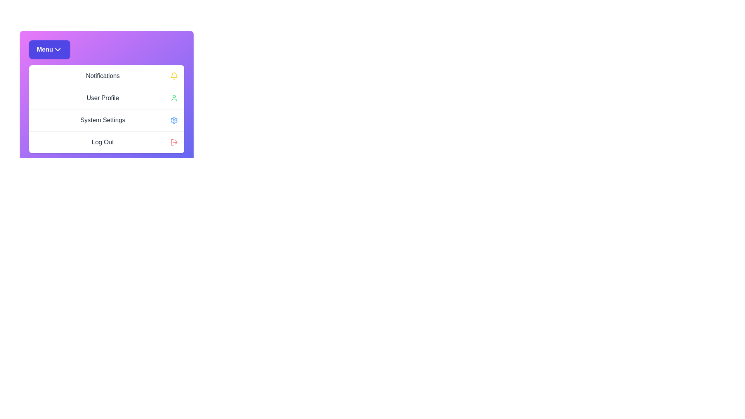 Image resolution: width=745 pixels, height=419 pixels. I want to click on the menu item System Settings, so click(106, 120).